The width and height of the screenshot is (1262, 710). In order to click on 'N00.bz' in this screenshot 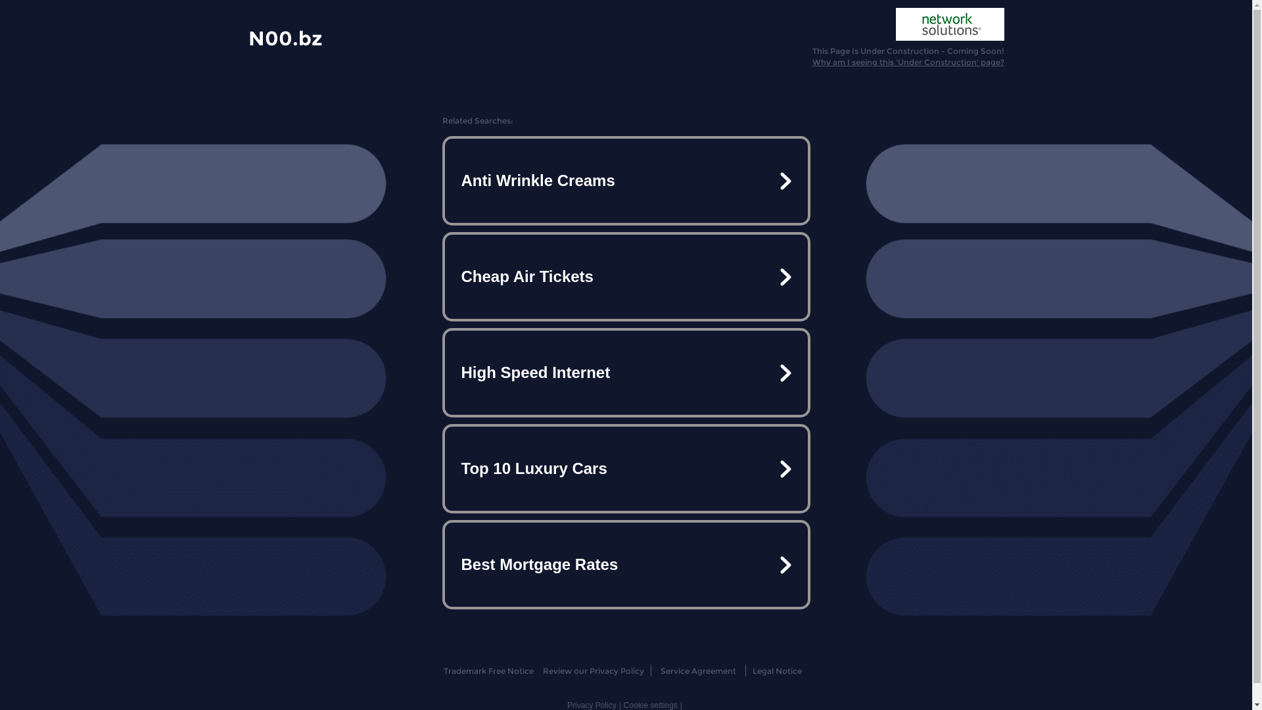, I will do `click(248, 37)`.